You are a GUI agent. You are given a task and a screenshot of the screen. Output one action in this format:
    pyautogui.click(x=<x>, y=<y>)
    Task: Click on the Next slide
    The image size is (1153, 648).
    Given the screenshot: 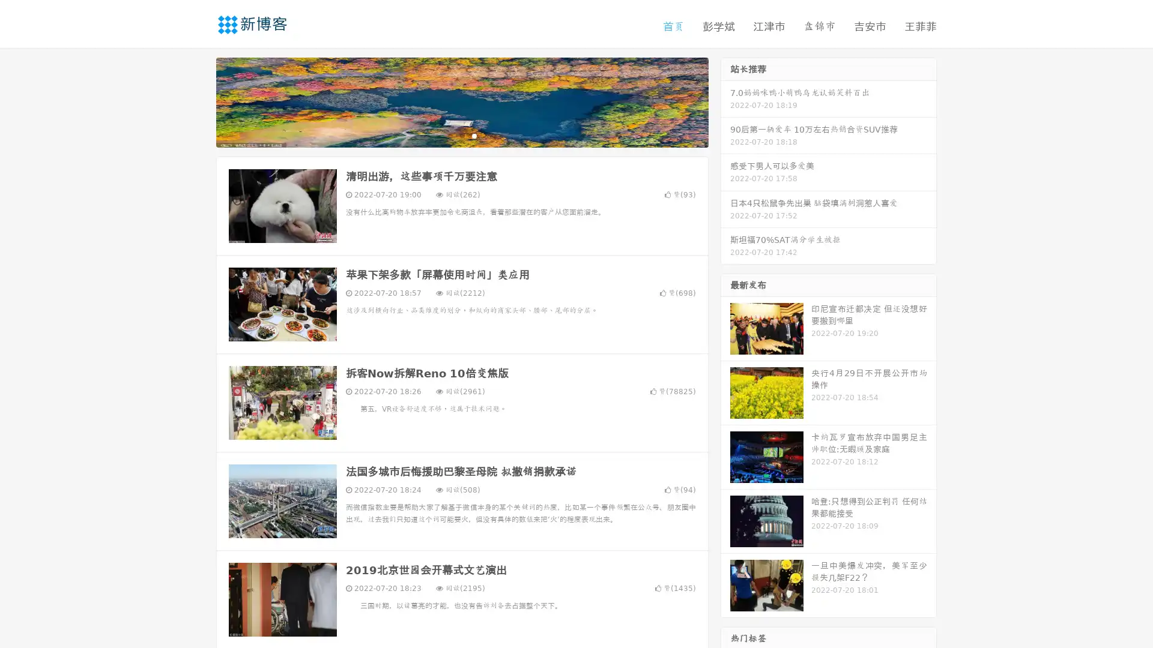 What is the action you would take?
    pyautogui.click(x=725, y=101)
    